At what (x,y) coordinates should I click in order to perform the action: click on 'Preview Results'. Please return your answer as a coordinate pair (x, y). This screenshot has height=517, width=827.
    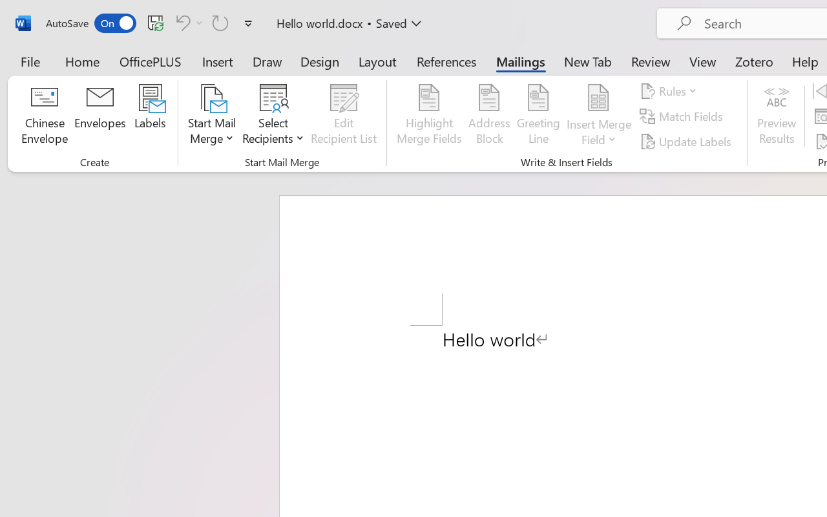
    Looking at the image, I should click on (776, 116).